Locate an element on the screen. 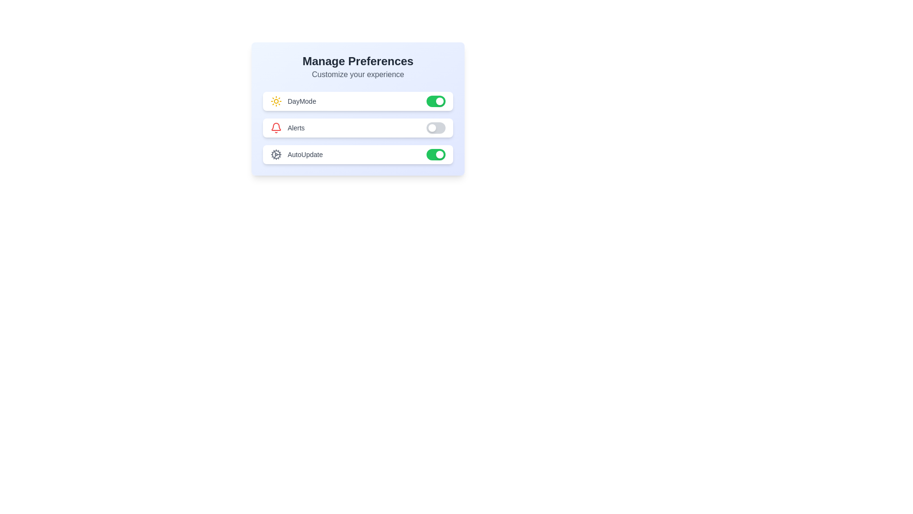 The width and height of the screenshot is (913, 514). the gear cog icon representing settings, which is visually aligned to the left of the 'AutoUpdate' text is located at coordinates (275, 154).